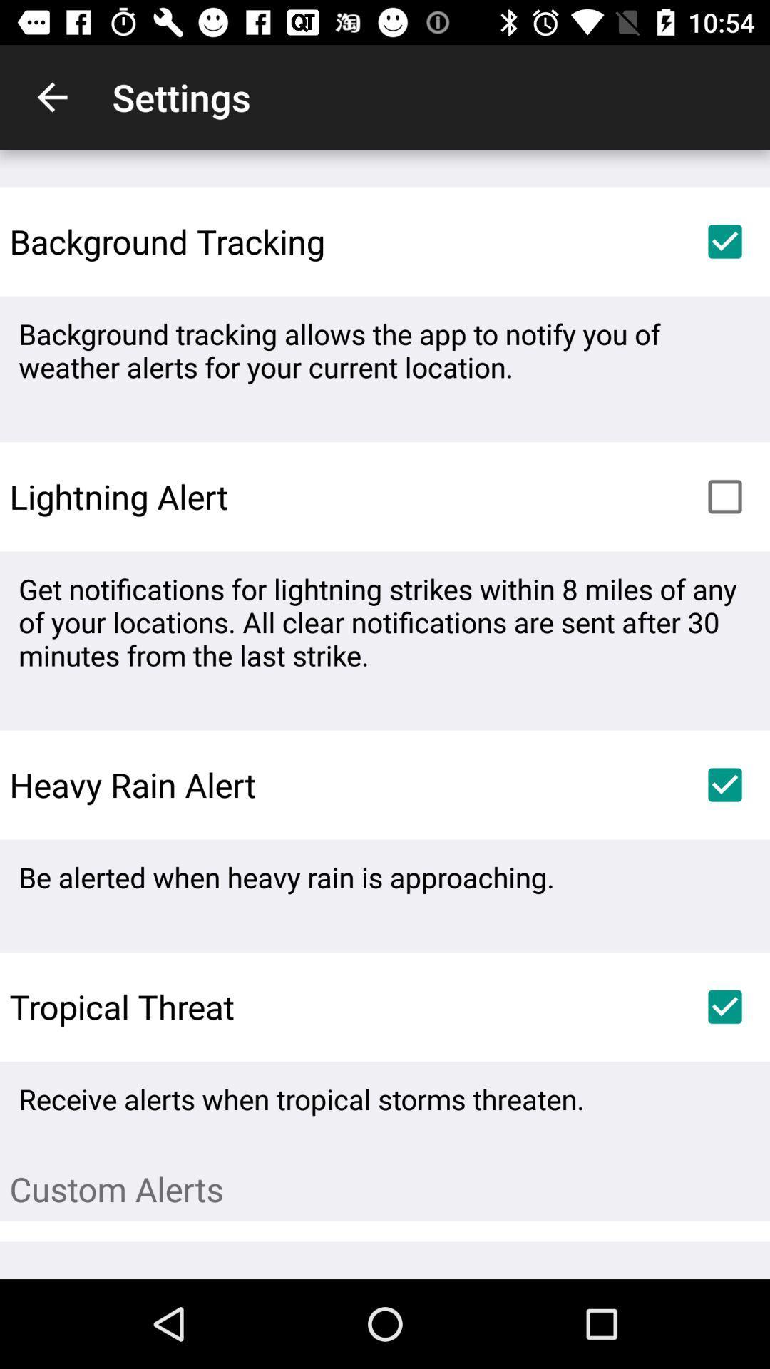 The image size is (770, 1369). I want to click on item above background tracking allows icon, so click(725, 242).